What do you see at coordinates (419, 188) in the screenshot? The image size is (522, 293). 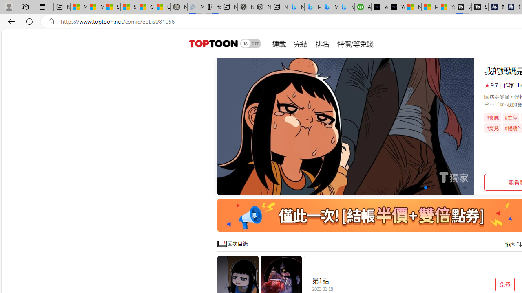 I see `'Go to slide 3'` at bounding box center [419, 188].